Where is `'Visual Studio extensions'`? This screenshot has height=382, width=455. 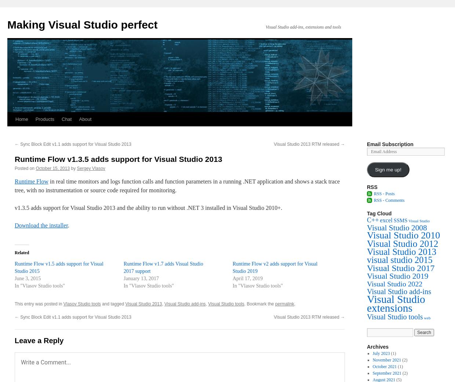 'Visual Studio extensions' is located at coordinates (396, 303).